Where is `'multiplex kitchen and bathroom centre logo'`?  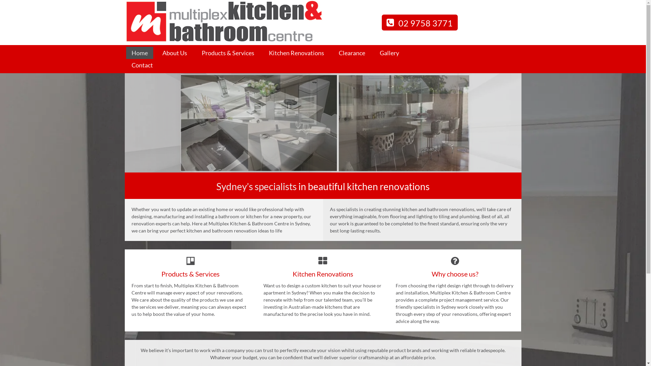
'multiplex kitchen and bathroom centre logo' is located at coordinates (224, 21).